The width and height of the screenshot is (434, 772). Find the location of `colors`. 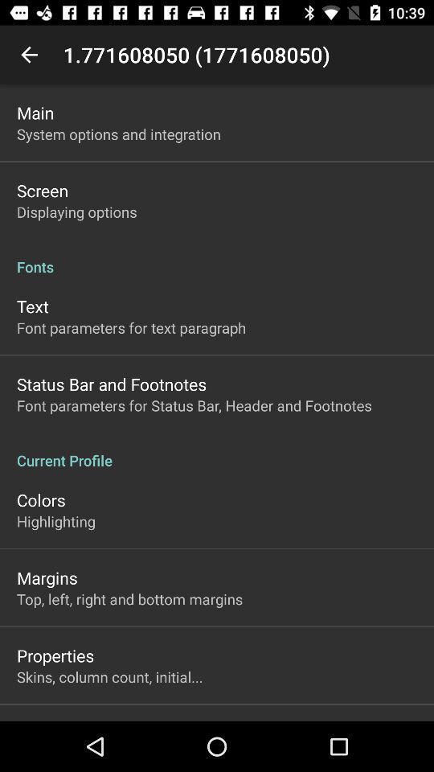

colors is located at coordinates (41, 499).